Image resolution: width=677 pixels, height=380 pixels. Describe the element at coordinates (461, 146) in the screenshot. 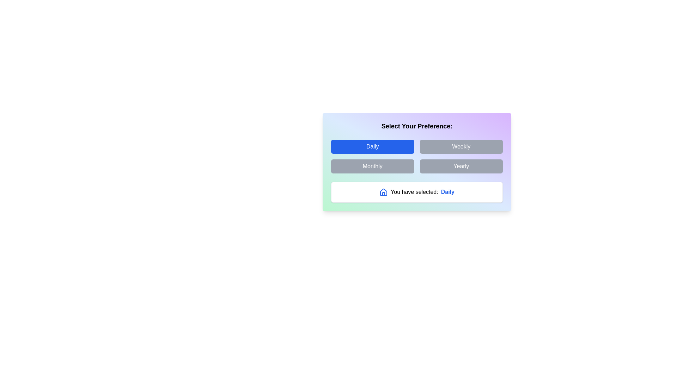

I see `the toggle button for the 'Weekly' option` at that location.